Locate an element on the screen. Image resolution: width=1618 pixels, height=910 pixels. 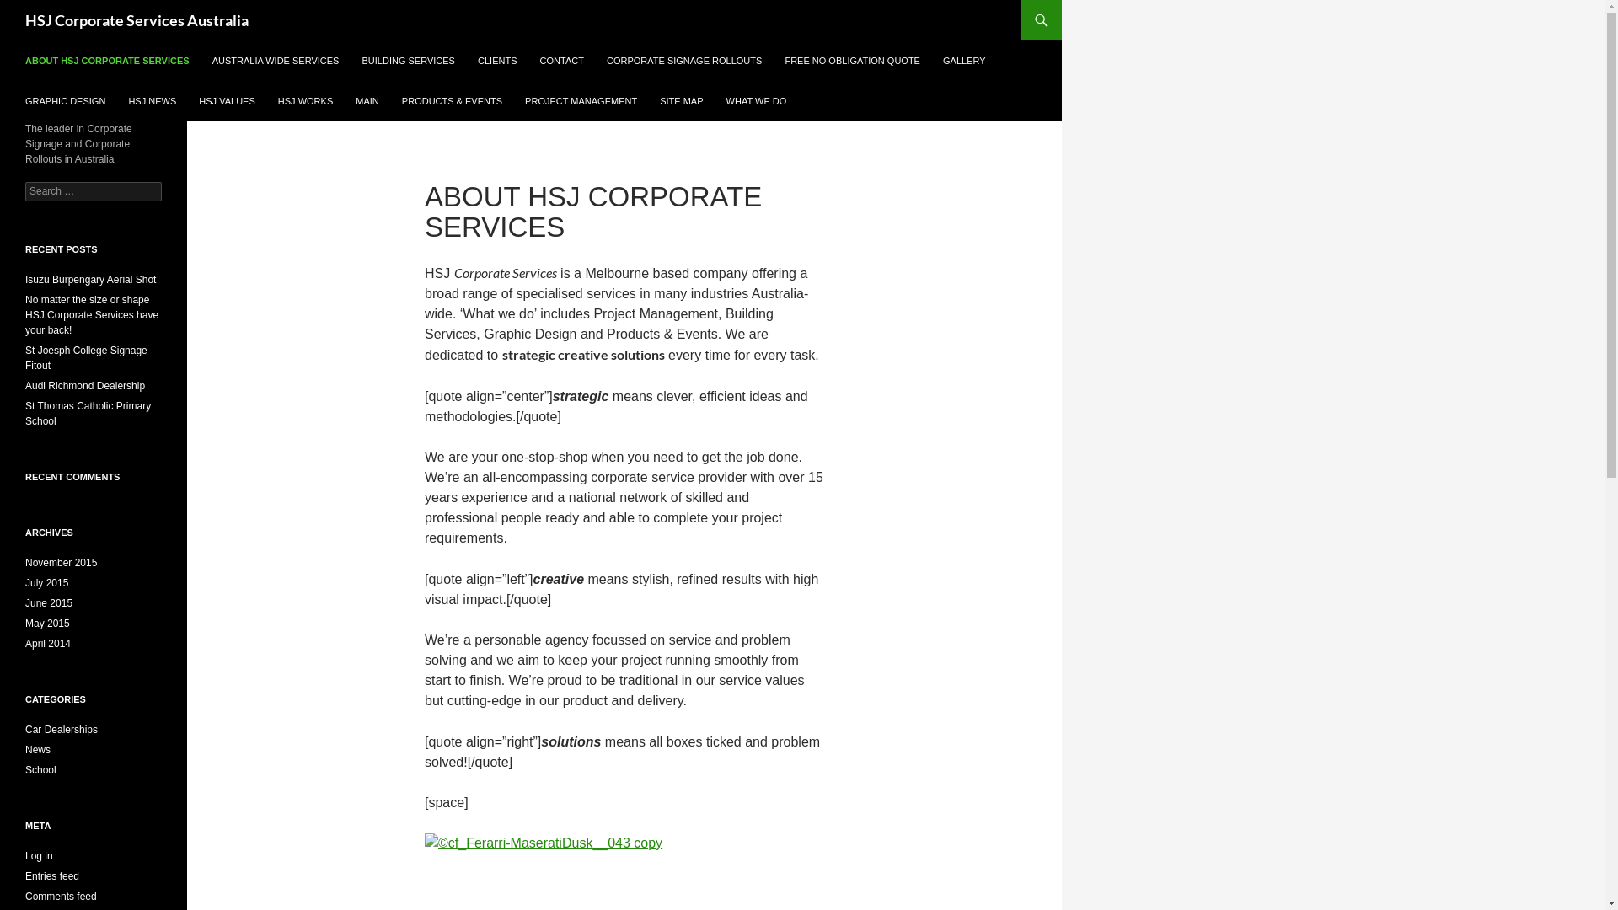
'November 2015' is located at coordinates (24, 562).